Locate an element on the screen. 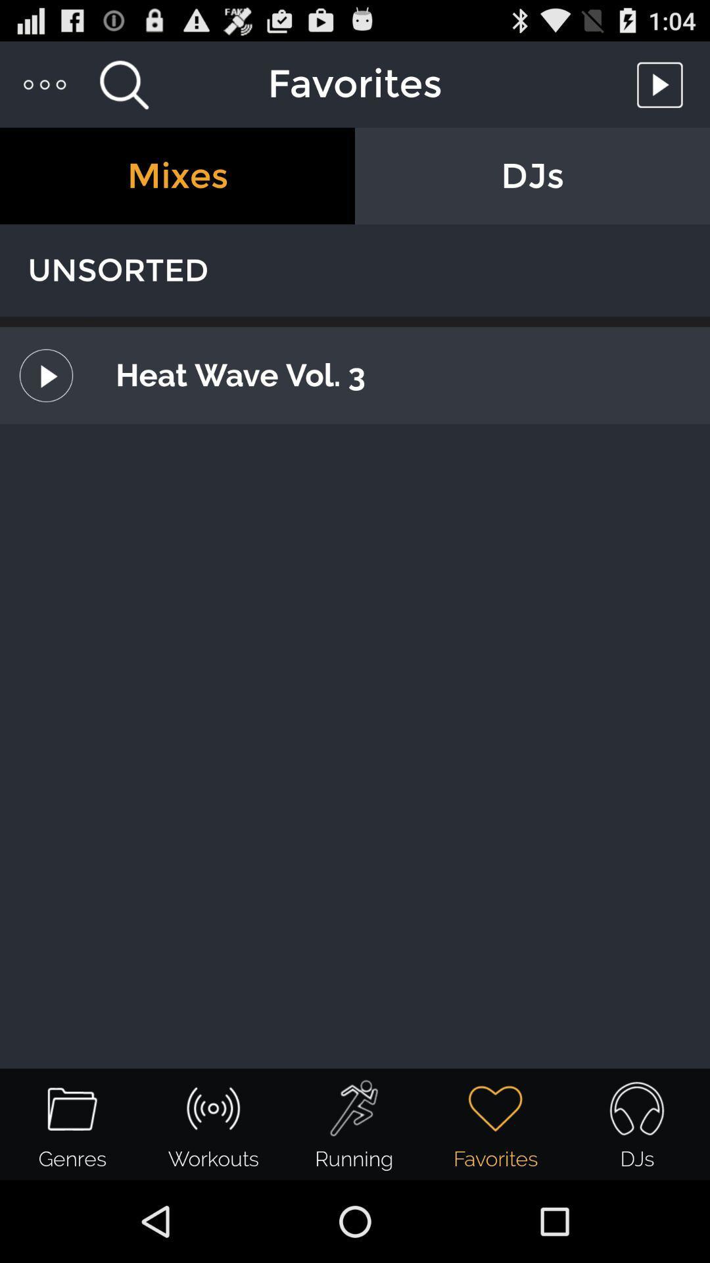 Image resolution: width=710 pixels, height=1263 pixels. the mixes is located at coordinates (177, 175).